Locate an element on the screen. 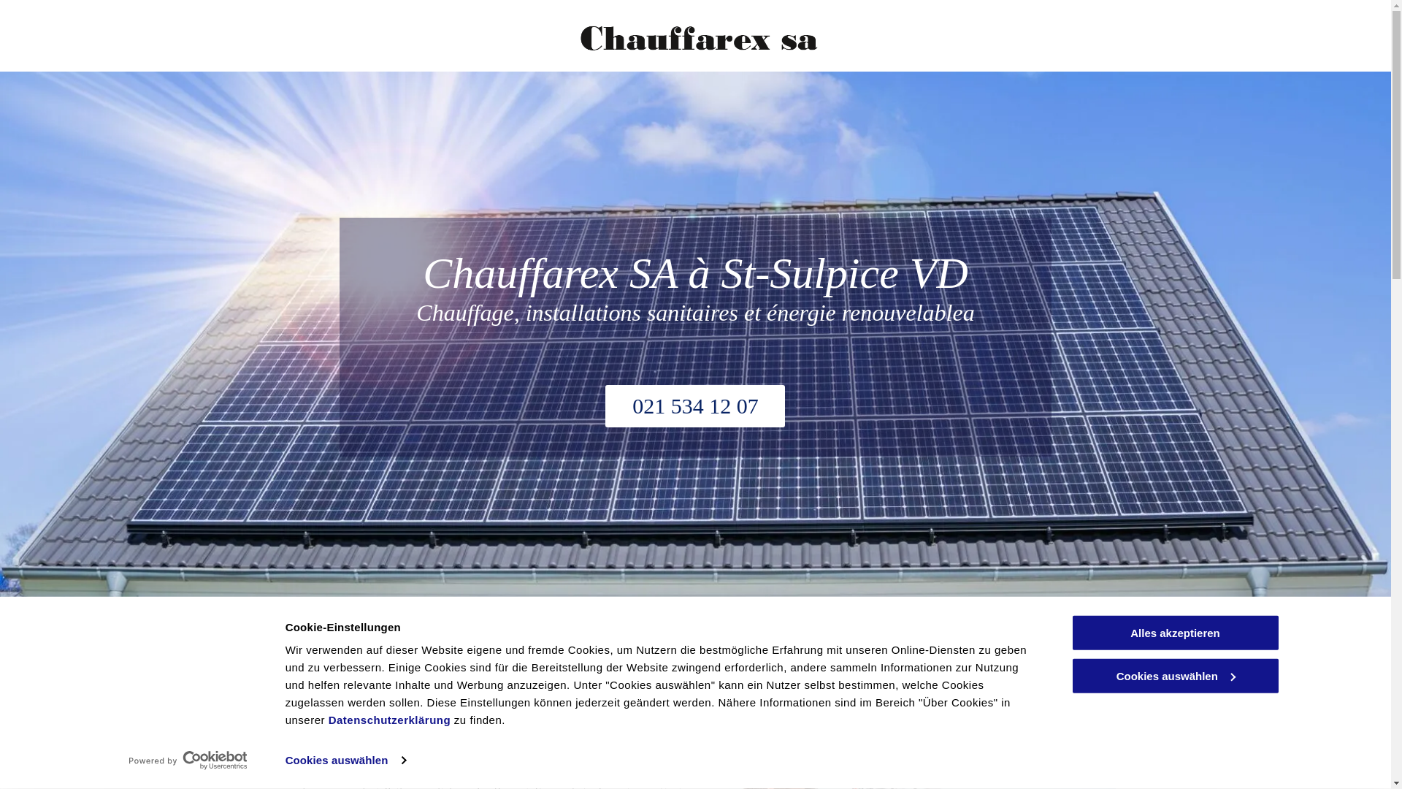  '021 534 12 07' is located at coordinates (694, 405).